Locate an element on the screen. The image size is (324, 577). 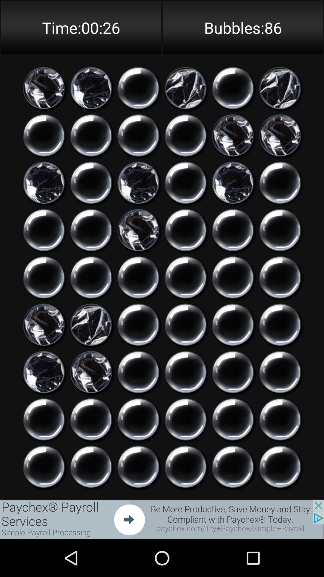
the refresh icon is located at coordinates (232, 246).